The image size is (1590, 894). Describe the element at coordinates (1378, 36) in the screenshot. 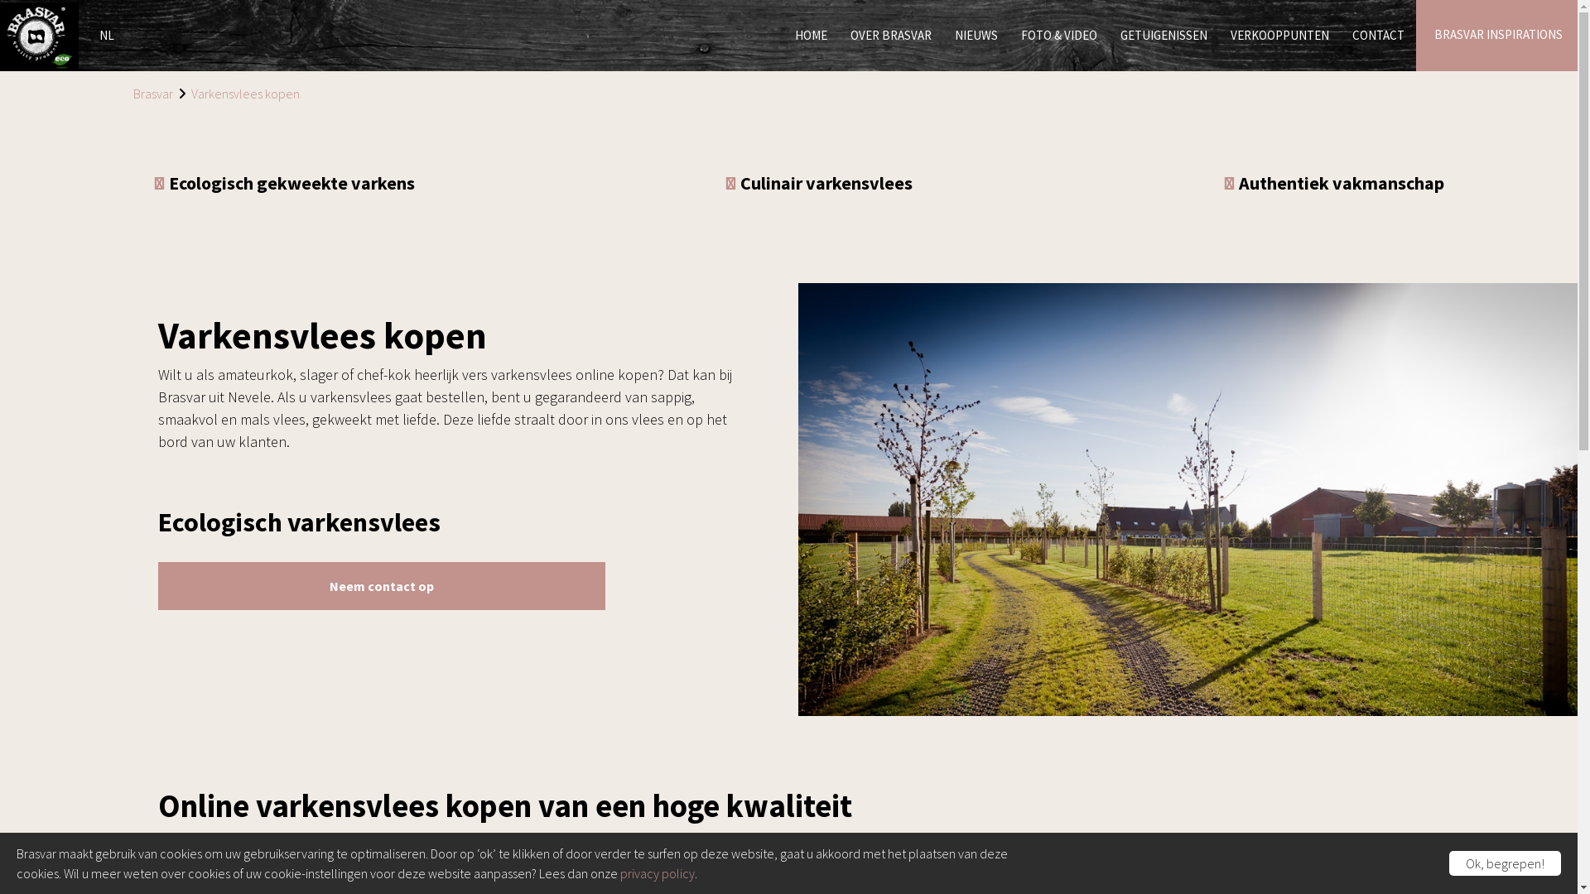

I see `'CONTACT'` at that location.